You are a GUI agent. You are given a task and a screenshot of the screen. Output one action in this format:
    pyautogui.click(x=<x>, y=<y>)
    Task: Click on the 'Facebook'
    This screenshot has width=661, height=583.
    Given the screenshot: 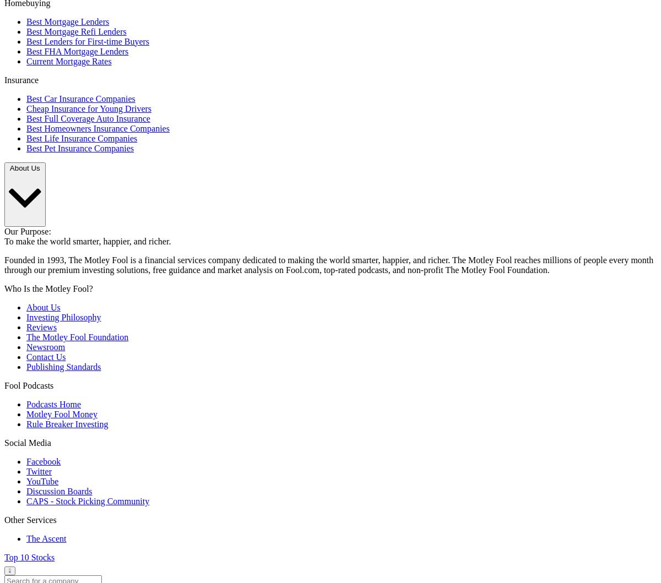 What is the action you would take?
    pyautogui.click(x=43, y=461)
    